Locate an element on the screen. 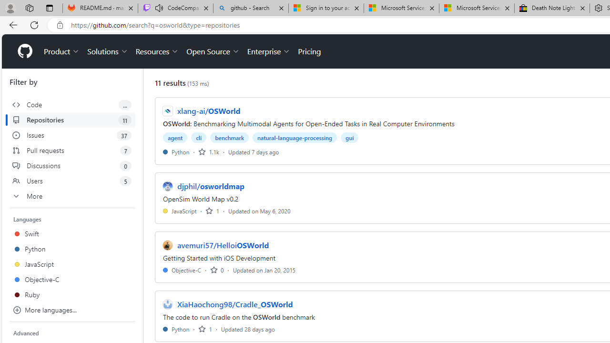 The width and height of the screenshot is (610, 343). 'Pricing' is located at coordinates (309, 51).